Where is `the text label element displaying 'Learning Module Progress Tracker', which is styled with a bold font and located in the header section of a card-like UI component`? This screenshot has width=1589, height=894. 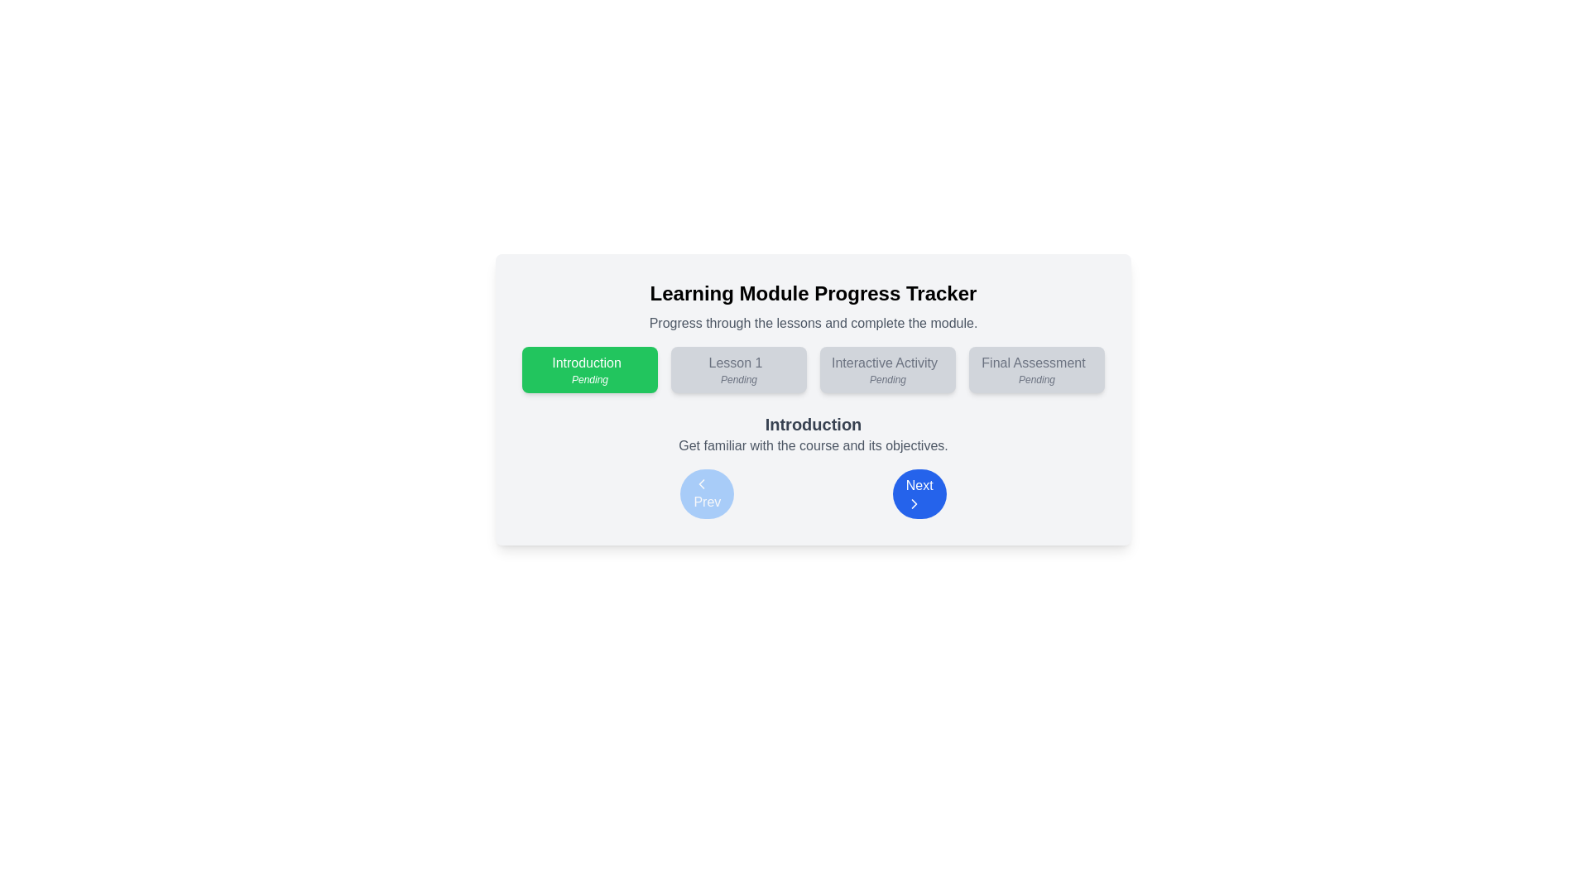
the text label element displaying 'Learning Module Progress Tracker', which is styled with a bold font and located in the header section of a card-like UI component is located at coordinates (814, 292).